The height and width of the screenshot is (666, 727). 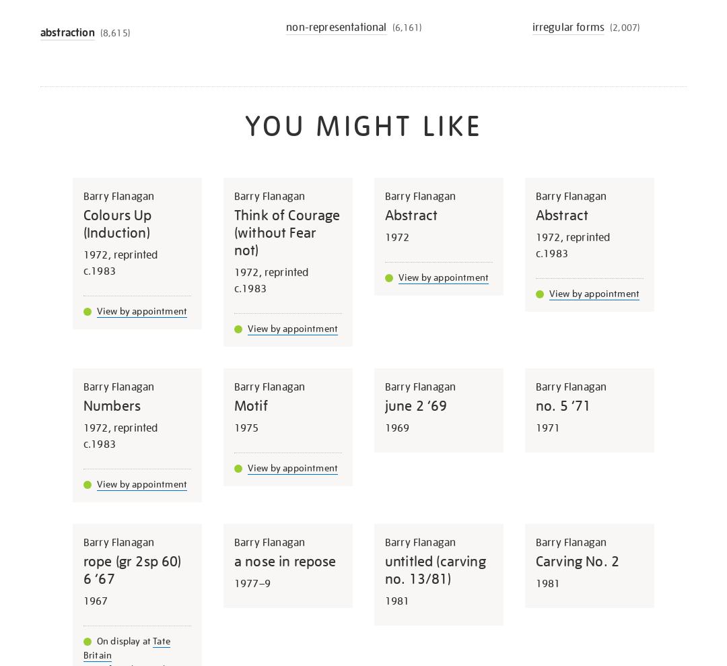 I want to click on 'Colours Up (Induction)', so click(x=116, y=223).